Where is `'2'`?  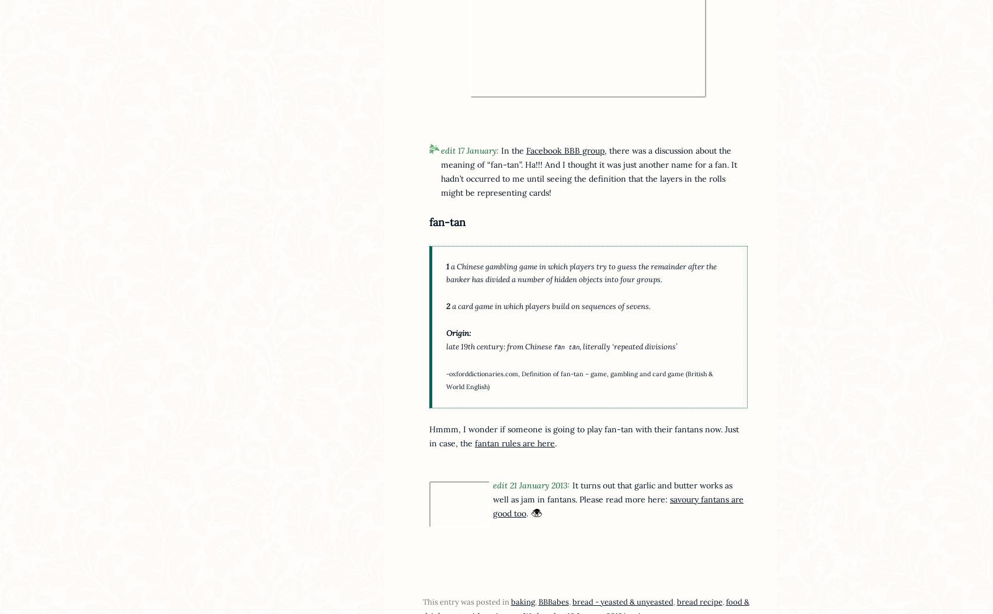 '2' is located at coordinates (445, 306).